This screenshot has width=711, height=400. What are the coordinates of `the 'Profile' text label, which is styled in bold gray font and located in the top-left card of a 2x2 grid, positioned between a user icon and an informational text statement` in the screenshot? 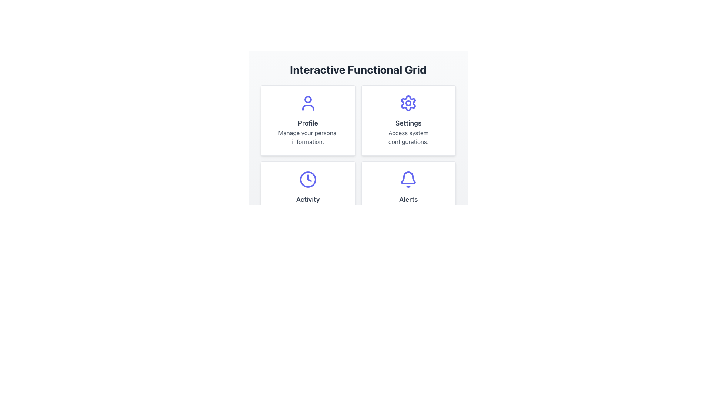 It's located at (308, 123).